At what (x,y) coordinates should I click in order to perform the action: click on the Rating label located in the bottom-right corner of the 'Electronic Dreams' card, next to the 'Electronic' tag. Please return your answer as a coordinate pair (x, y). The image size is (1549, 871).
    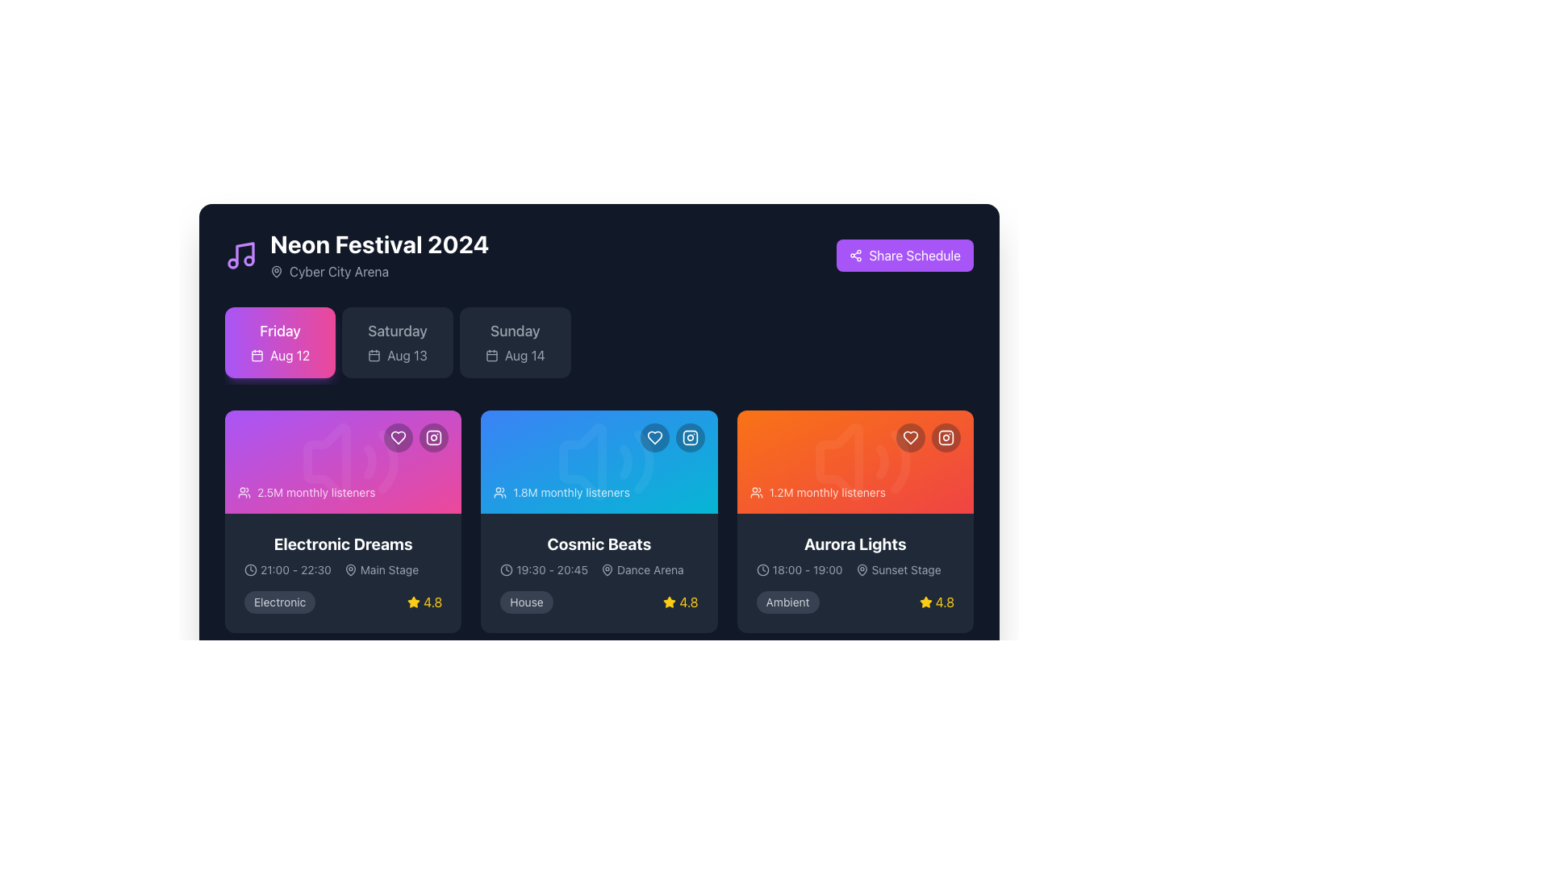
    Looking at the image, I should click on (424, 602).